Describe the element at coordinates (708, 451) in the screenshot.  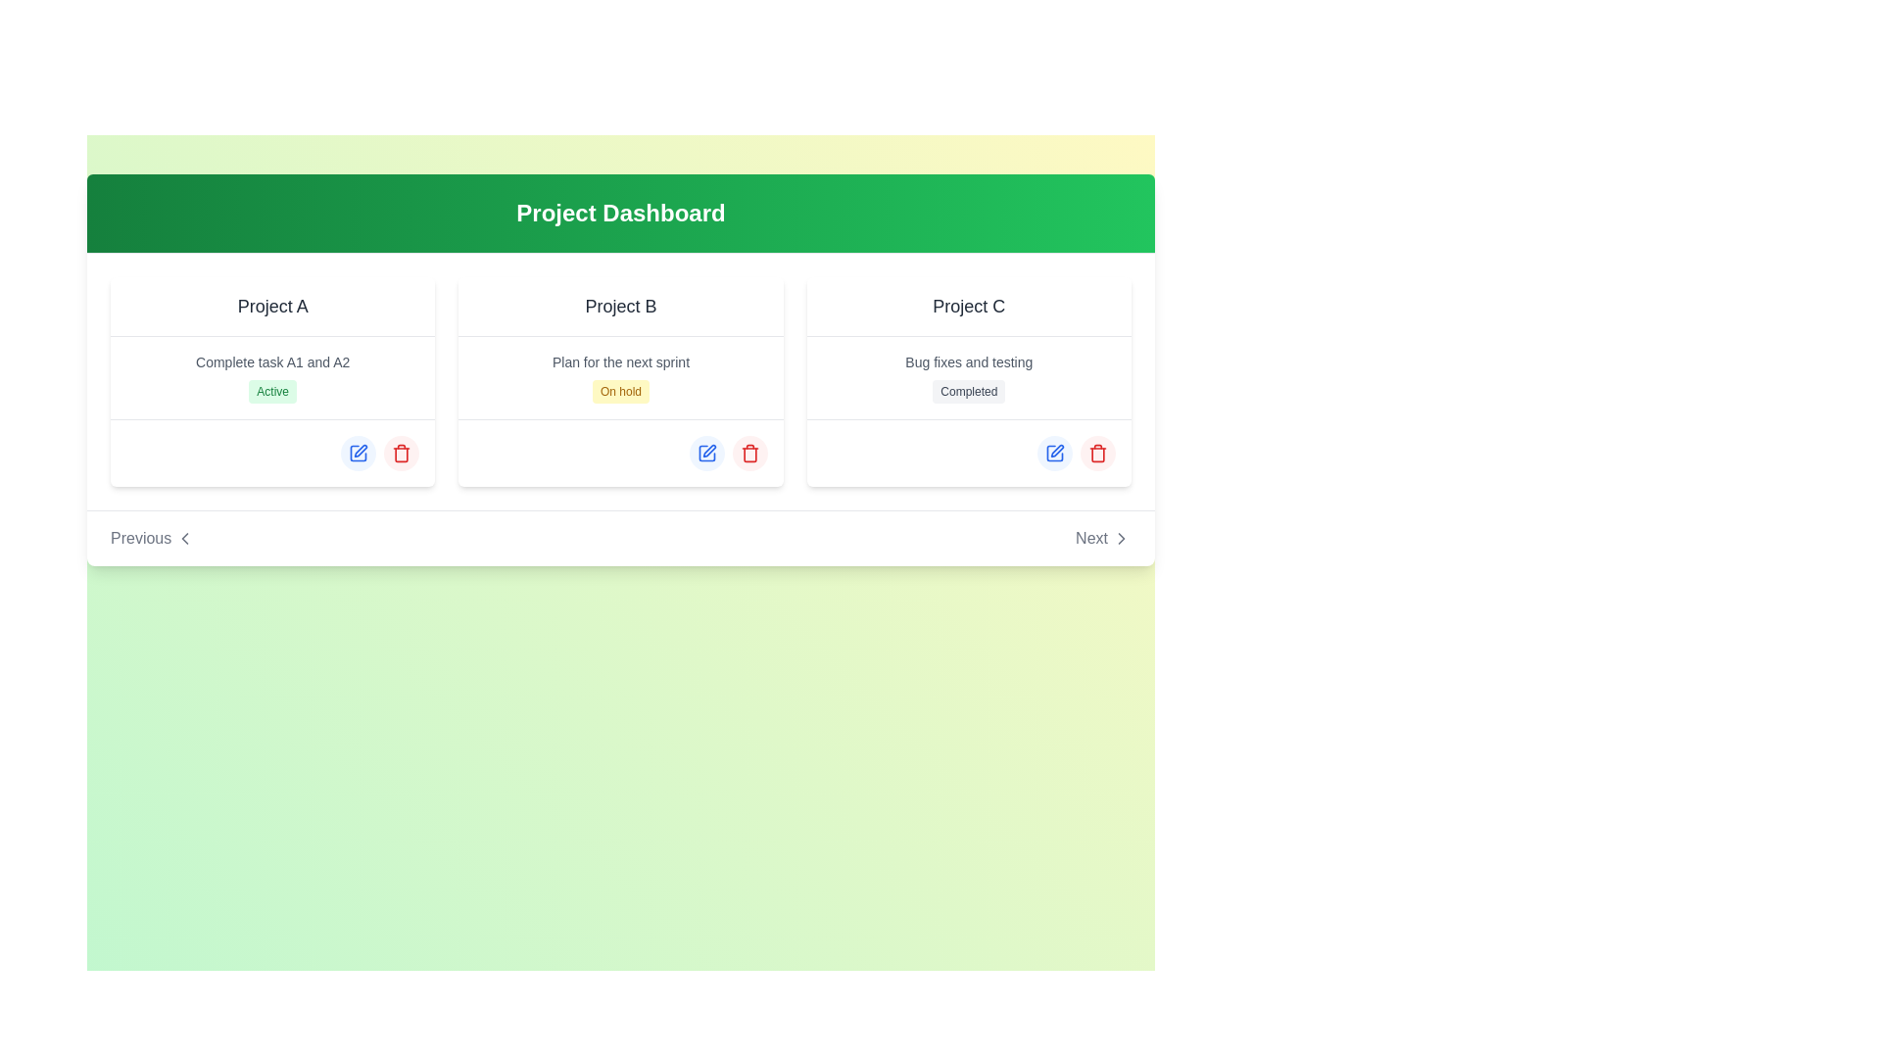
I see `the blue pen tool icon located in the bottom right corner of the 'Project B' card` at that location.